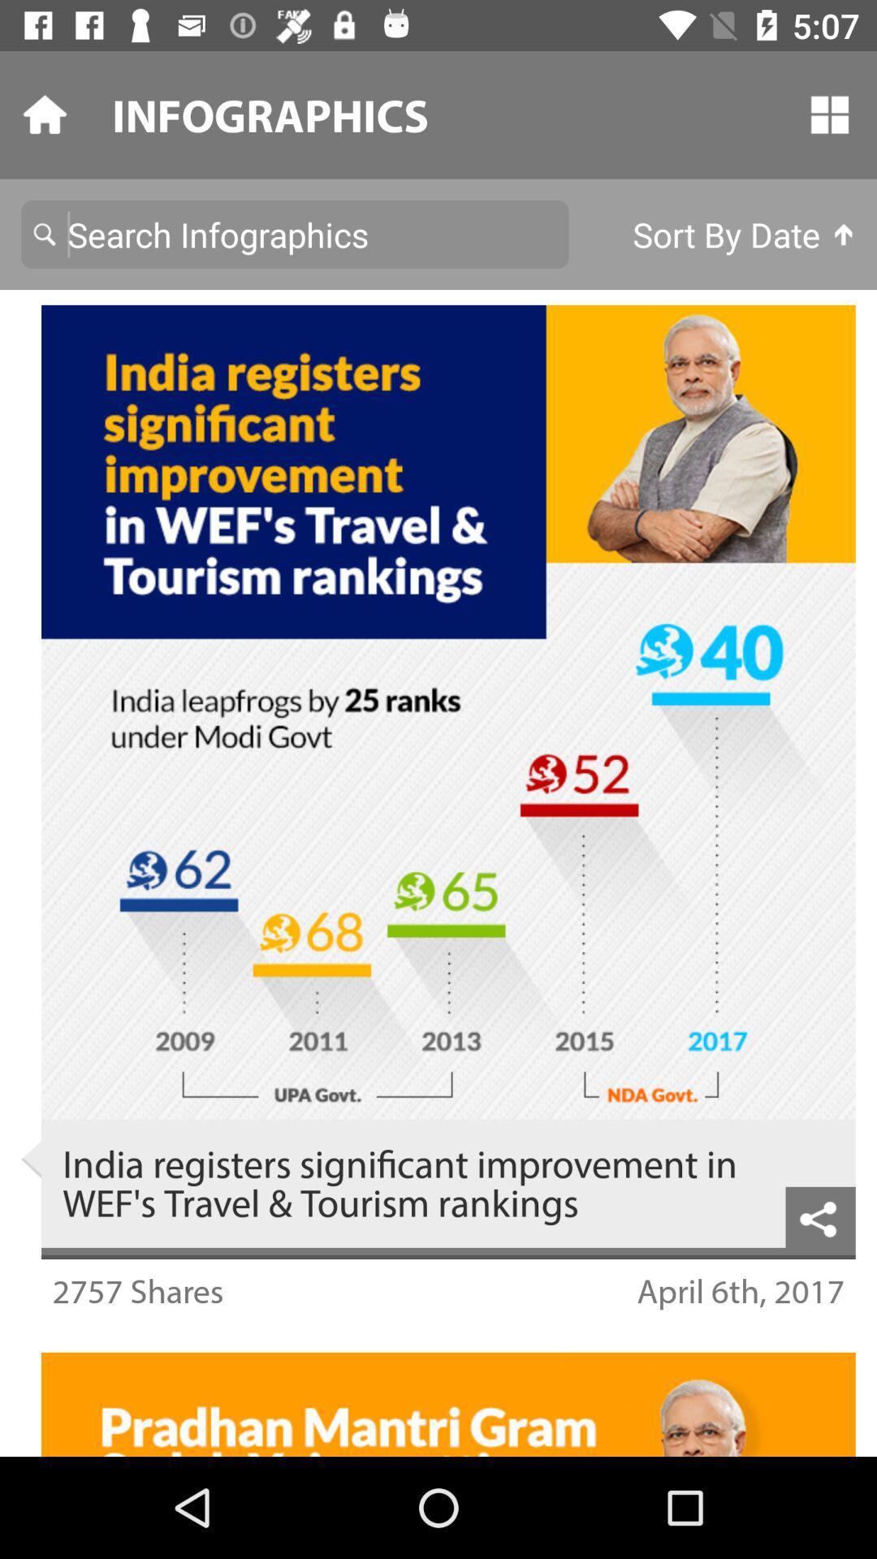 The height and width of the screenshot is (1559, 877). Describe the element at coordinates (136, 1289) in the screenshot. I see `the 2757 shares icon` at that location.